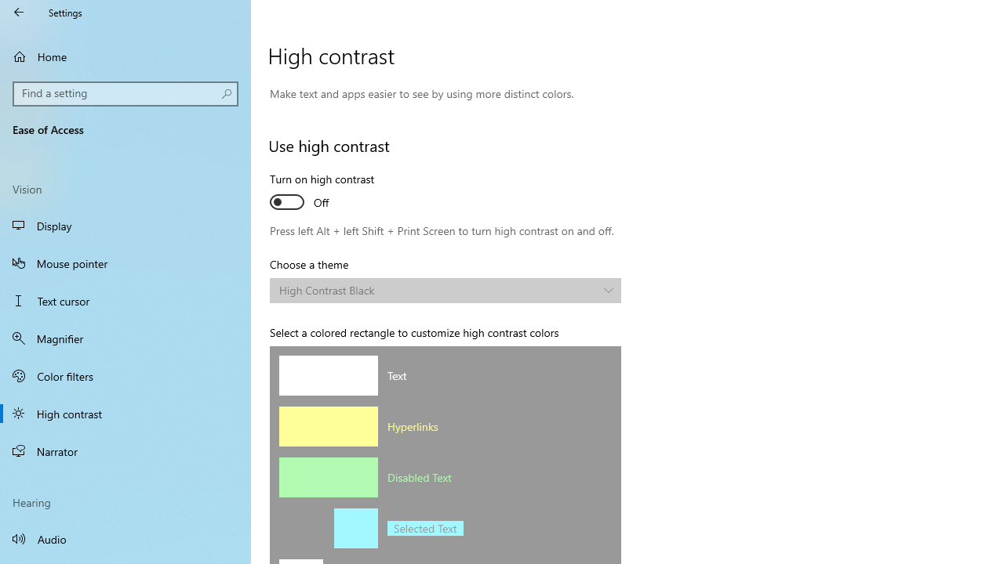  I want to click on 'Text color', so click(327, 375).